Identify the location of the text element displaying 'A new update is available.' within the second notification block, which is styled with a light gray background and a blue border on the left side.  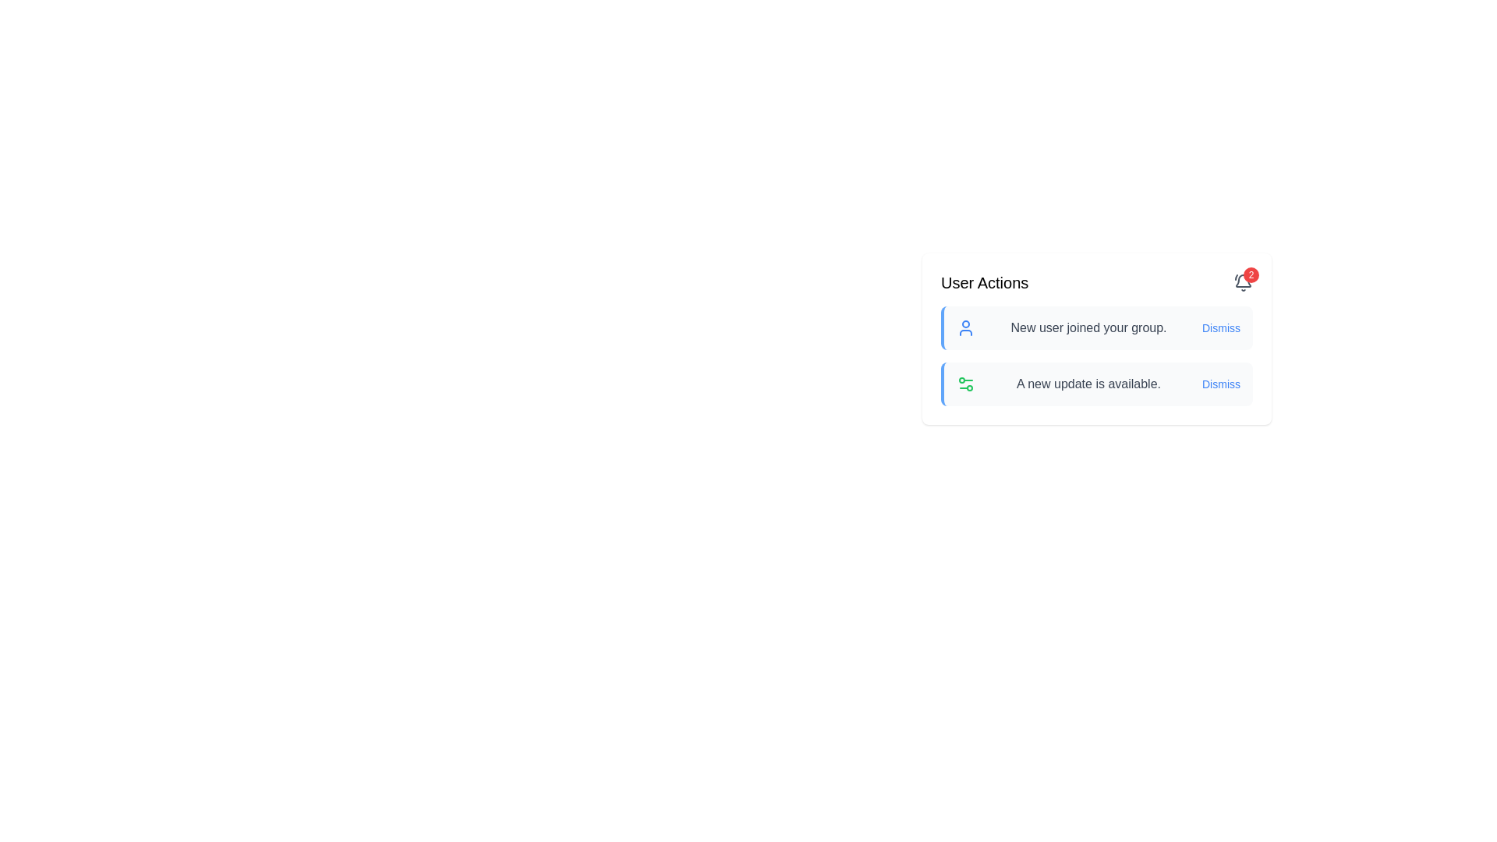
(1088, 384).